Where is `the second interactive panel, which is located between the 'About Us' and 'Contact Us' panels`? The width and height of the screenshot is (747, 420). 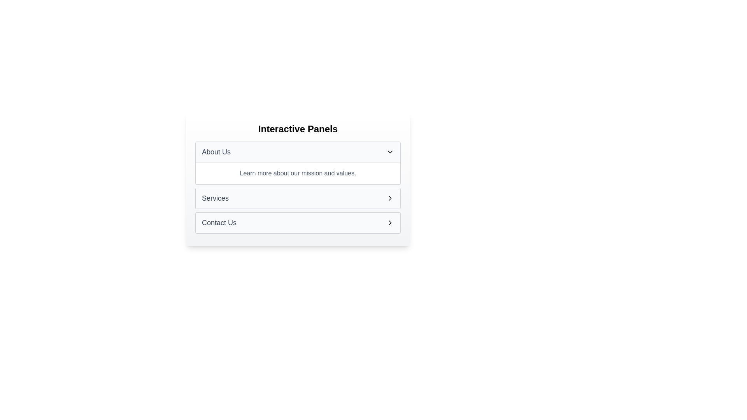
the second interactive panel, which is located between the 'About Us' and 'Contact Us' panels is located at coordinates (298, 198).